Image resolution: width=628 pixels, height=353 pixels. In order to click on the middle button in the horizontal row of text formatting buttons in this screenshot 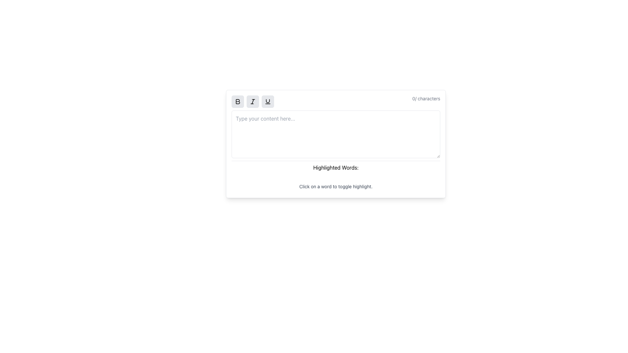, I will do `click(252, 102)`.